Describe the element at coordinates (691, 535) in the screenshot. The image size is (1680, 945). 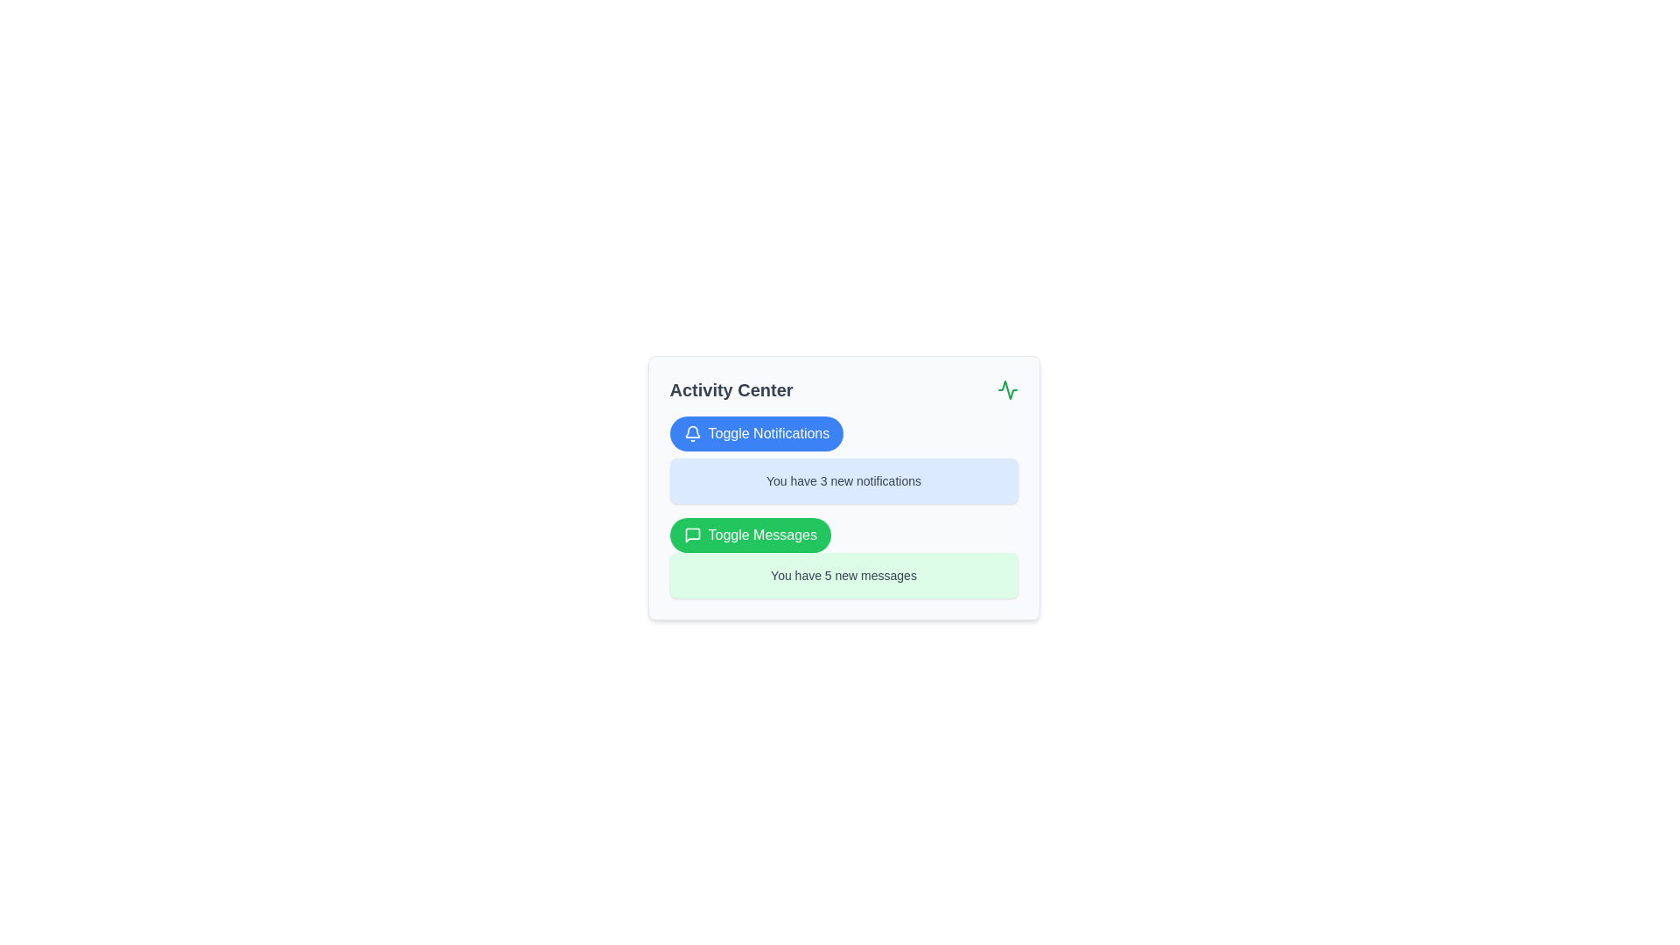
I see `the icon located inside the green 'Toggle Messages' button, which is positioned to the left of the text within the button` at that location.